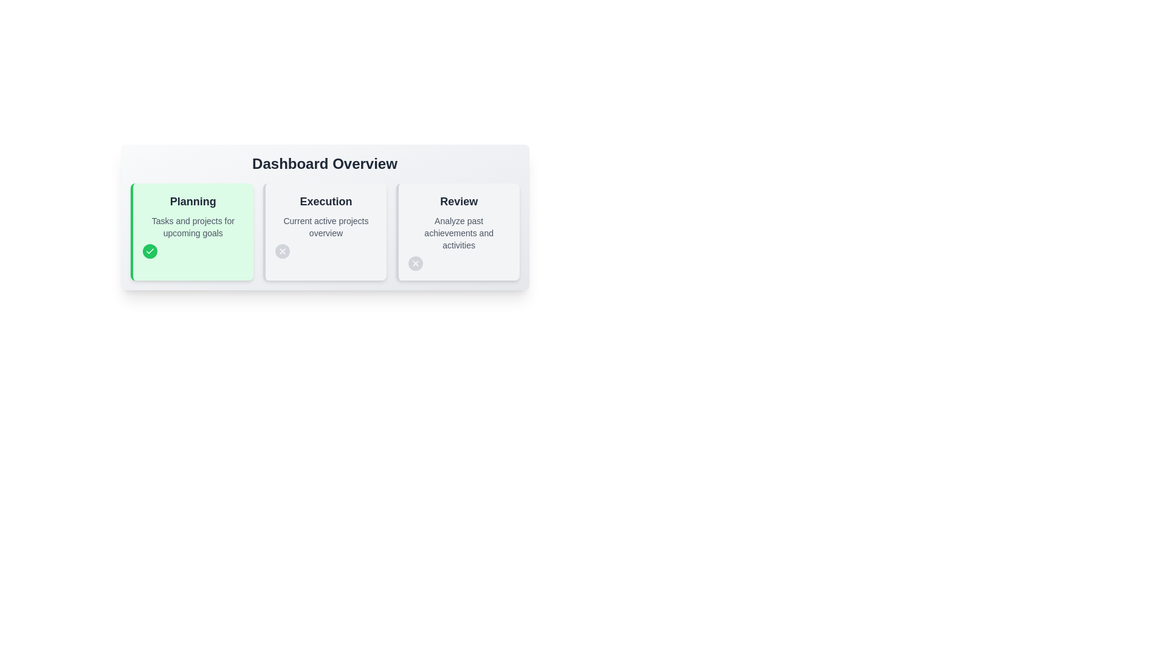 Image resolution: width=1167 pixels, height=656 pixels. I want to click on the 'Execution' category, so click(325, 231).